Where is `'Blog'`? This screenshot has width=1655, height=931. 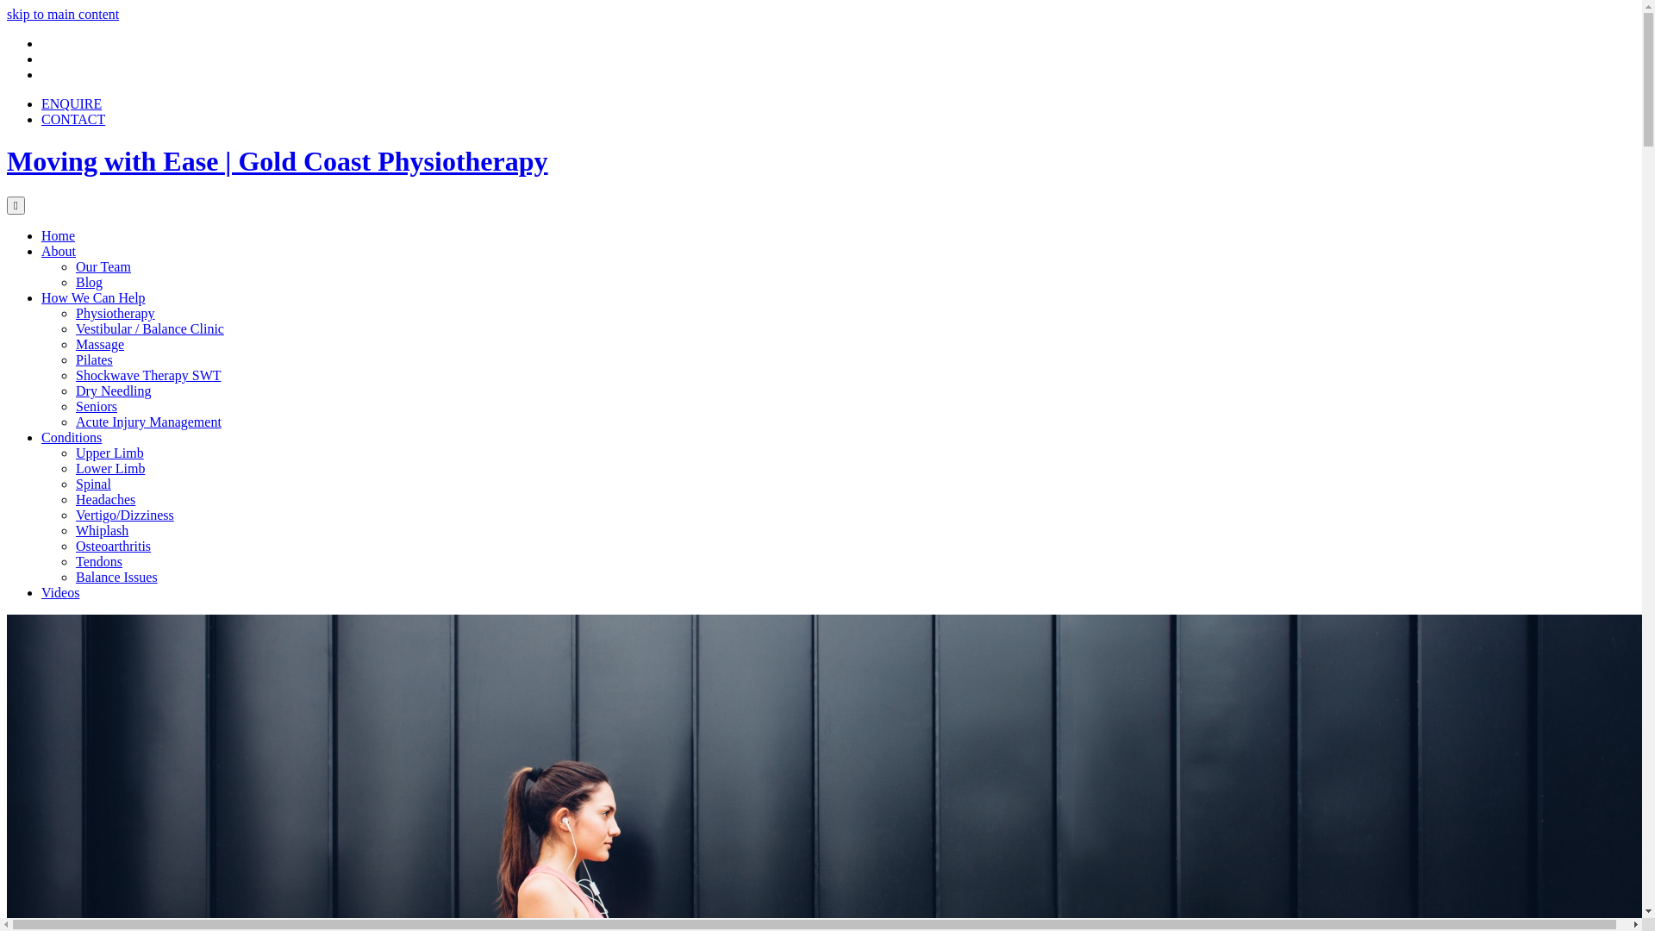
'Blog' is located at coordinates (88, 281).